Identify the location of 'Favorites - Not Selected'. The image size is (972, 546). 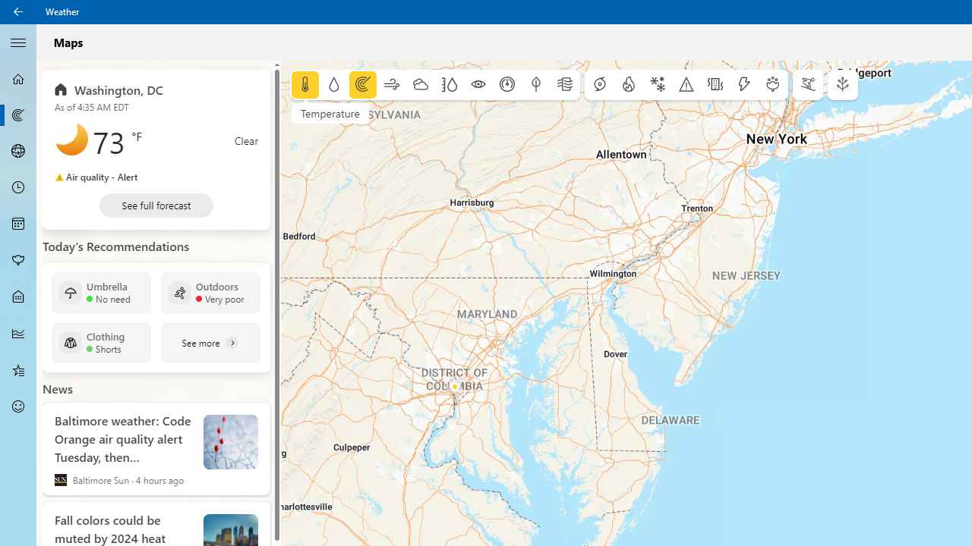
(18, 369).